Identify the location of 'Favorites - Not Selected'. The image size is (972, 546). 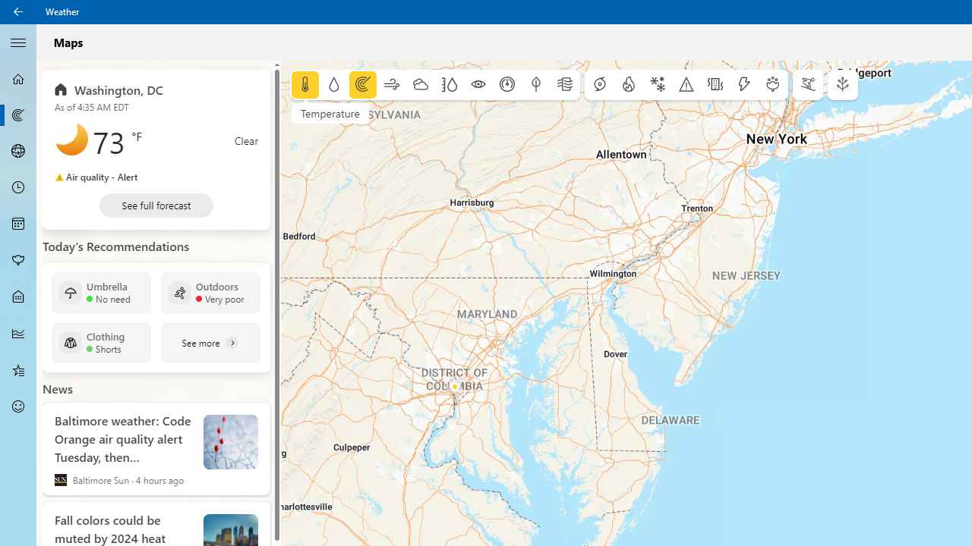
(18, 369).